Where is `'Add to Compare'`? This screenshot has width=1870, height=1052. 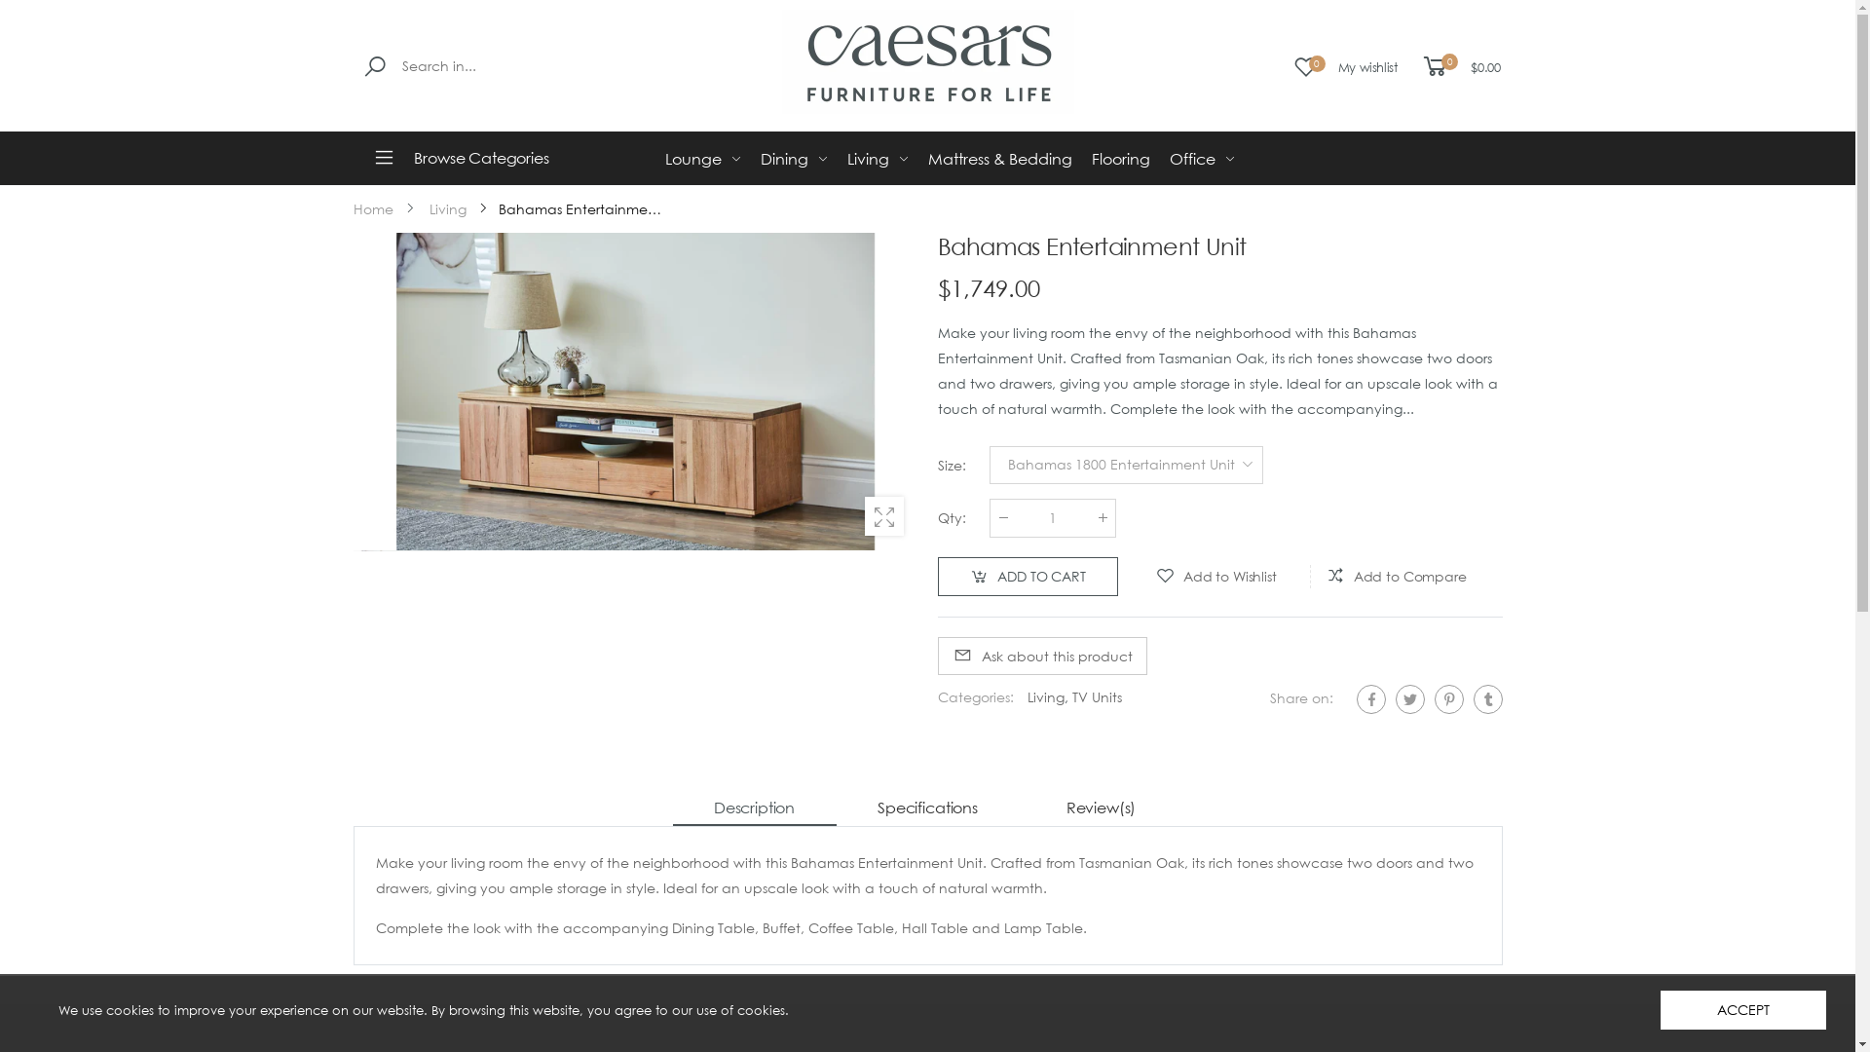 'Add to Compare' is located at coordinates (1305, 576).